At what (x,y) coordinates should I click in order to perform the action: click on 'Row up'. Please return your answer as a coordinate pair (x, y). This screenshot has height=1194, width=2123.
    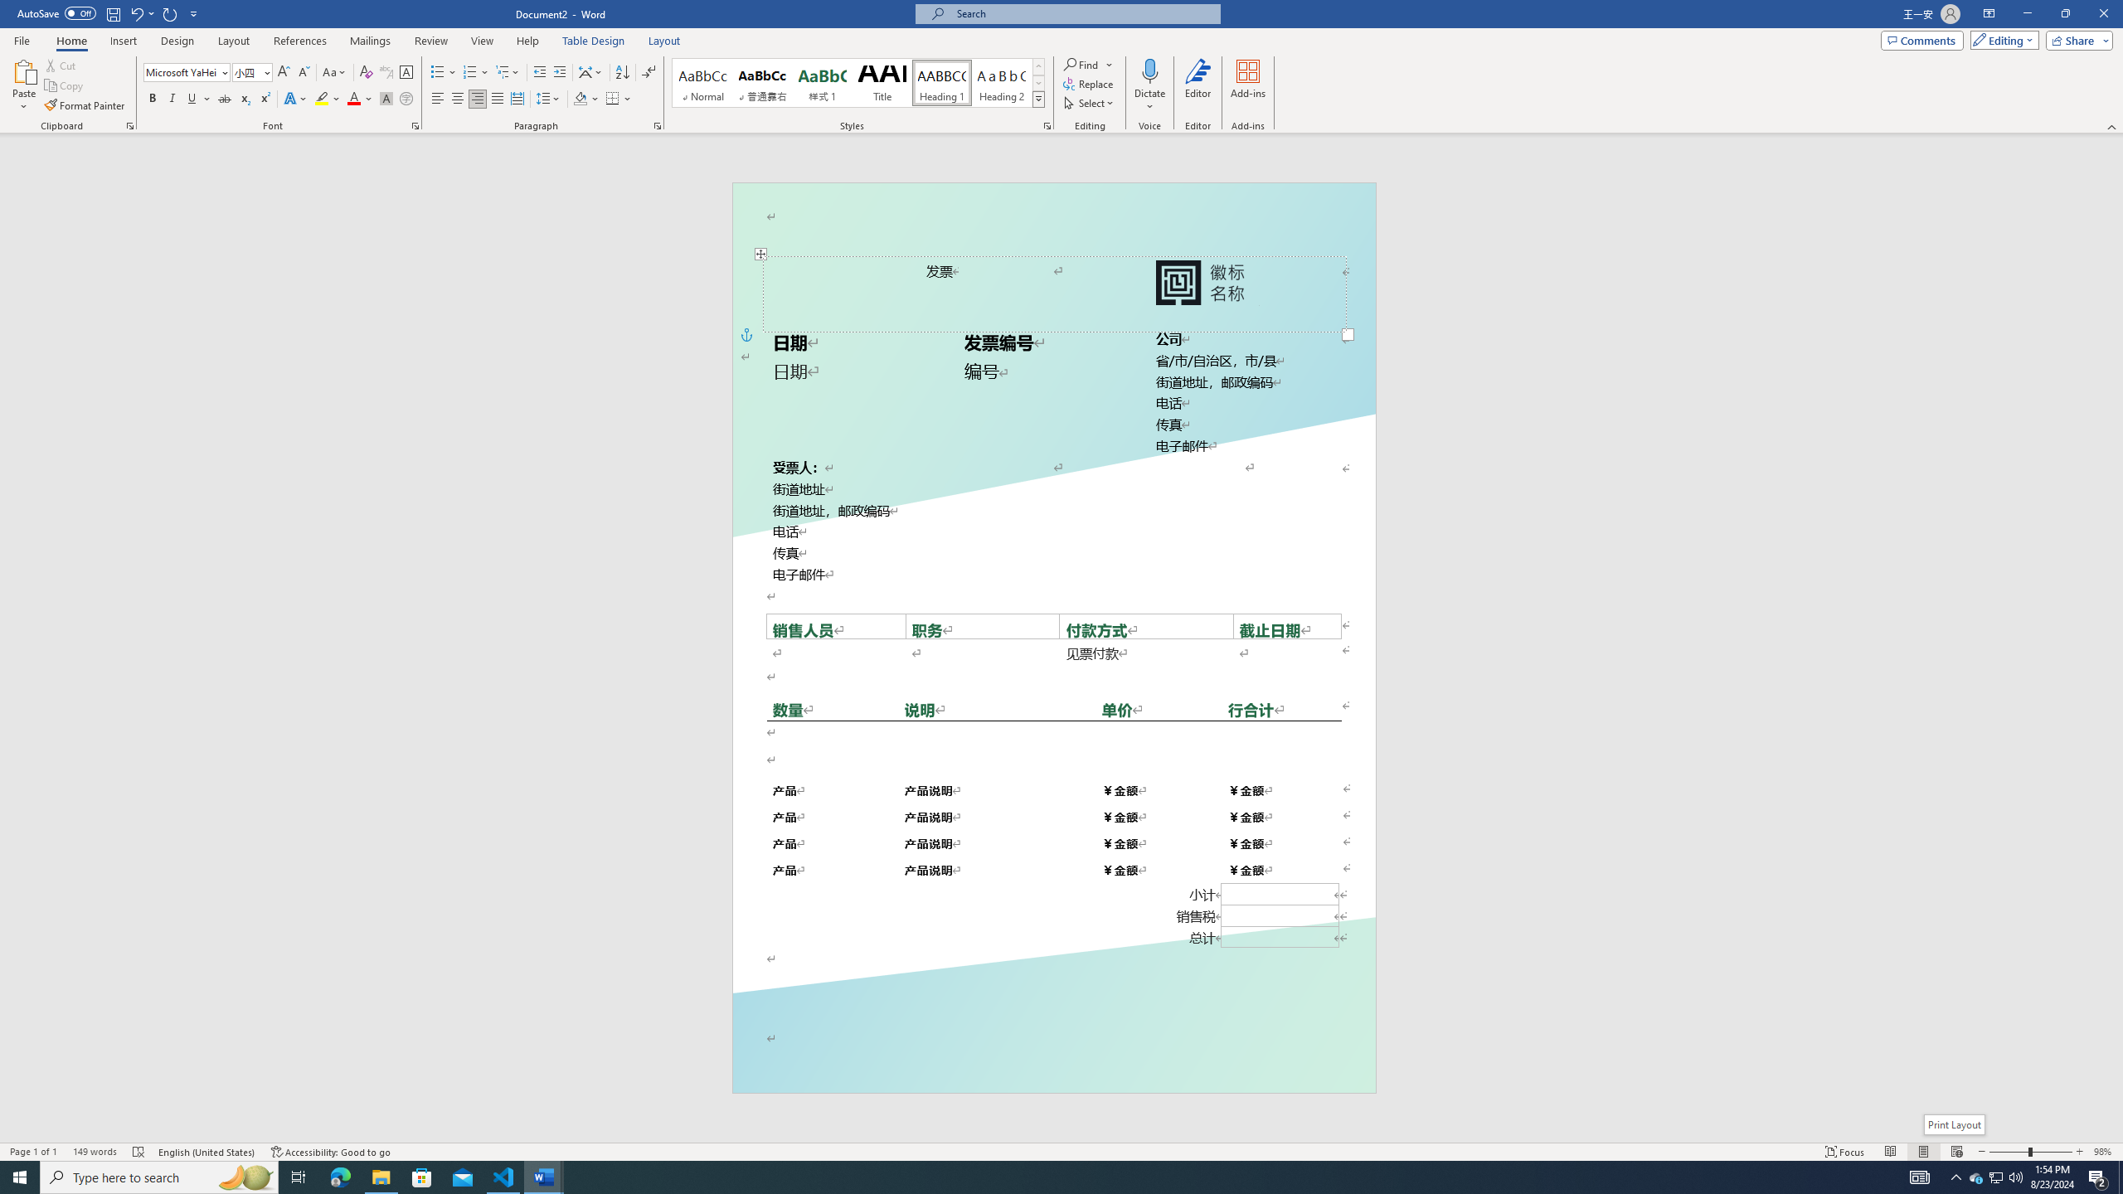
    Looking at the image, I should click on (1037, 66).